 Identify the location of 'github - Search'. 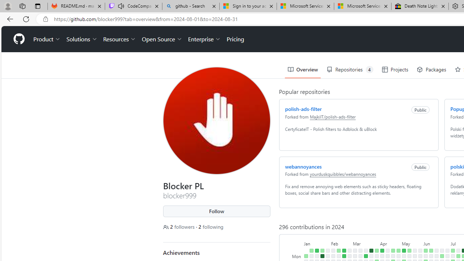
(191, 6).